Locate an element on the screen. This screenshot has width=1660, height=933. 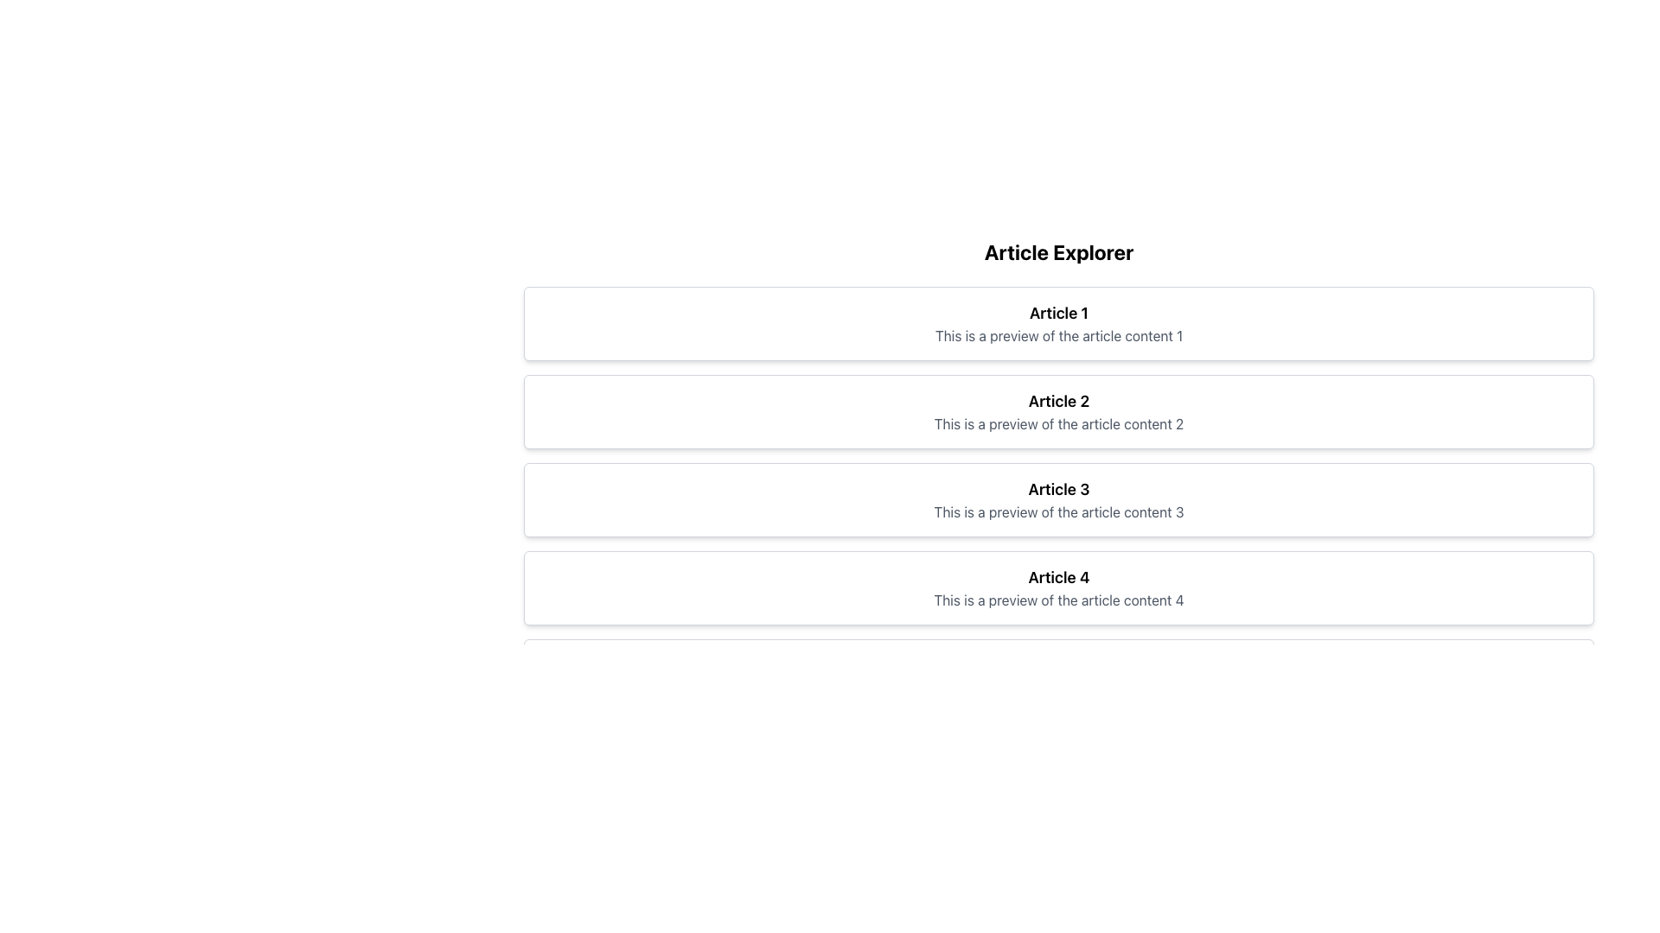
text displayed in the title of the second article located in the article card under 'Article Explorer' is located at coordinates (1057, 402).